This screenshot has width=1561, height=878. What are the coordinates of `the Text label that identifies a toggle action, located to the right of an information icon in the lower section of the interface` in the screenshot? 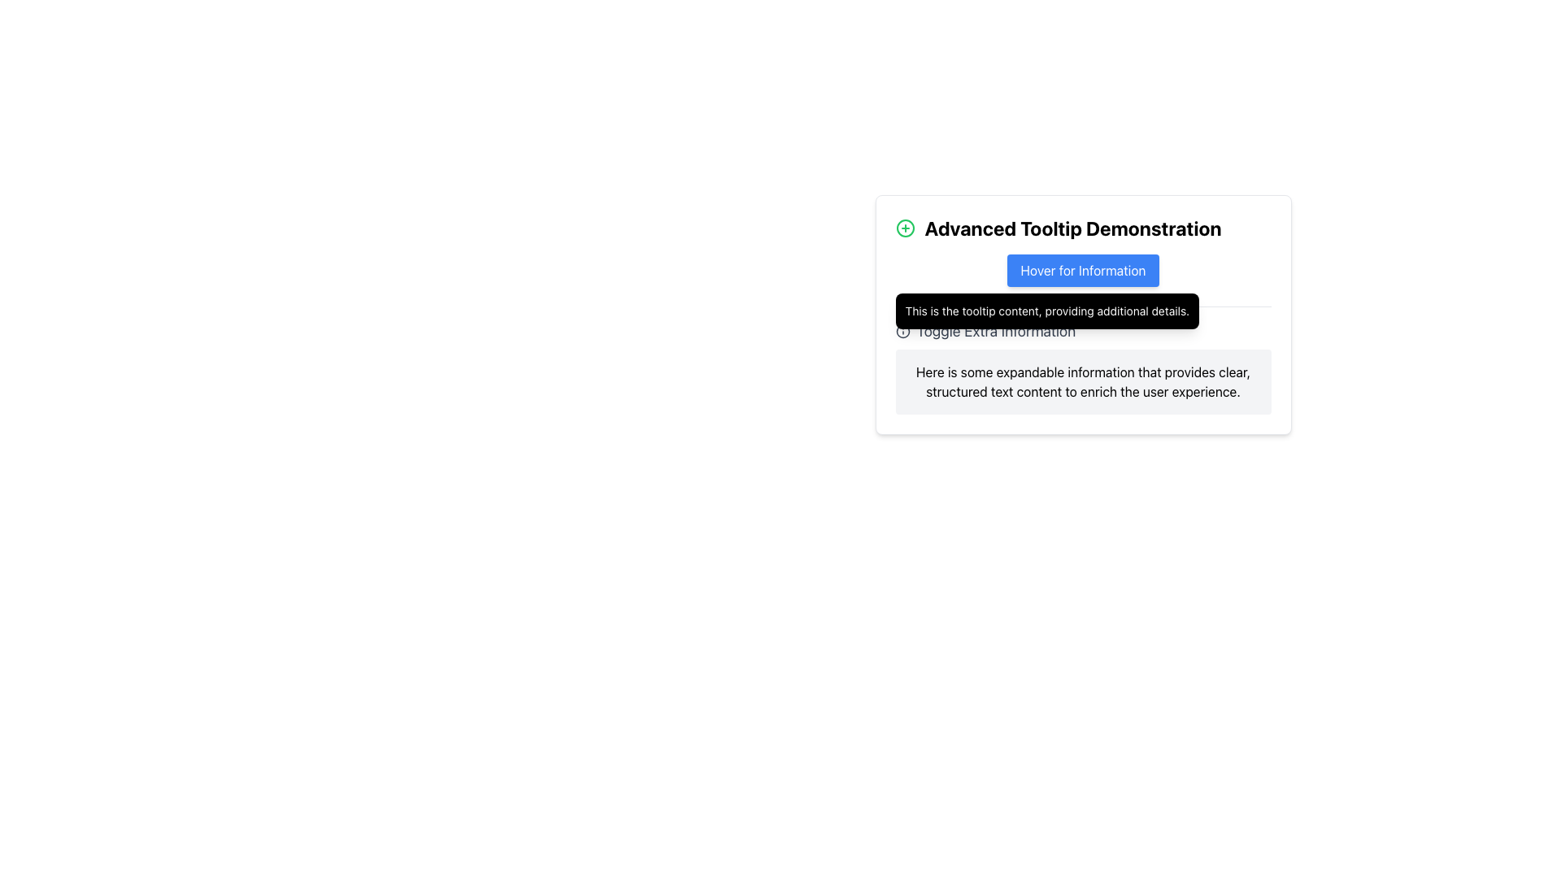 It's located at (995, 331).